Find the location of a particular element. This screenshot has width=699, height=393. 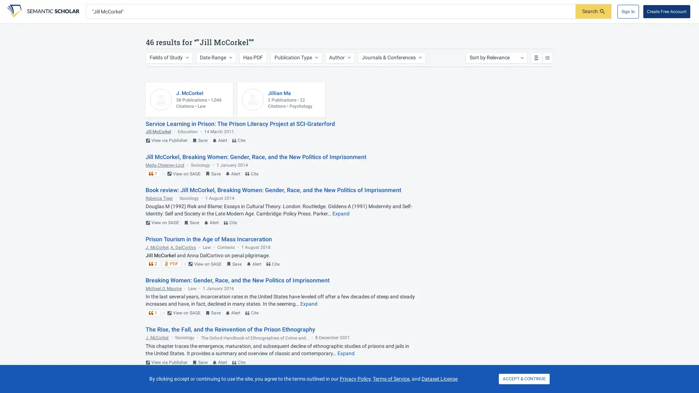

Expand truncated text is located at coordinates (340, 213).